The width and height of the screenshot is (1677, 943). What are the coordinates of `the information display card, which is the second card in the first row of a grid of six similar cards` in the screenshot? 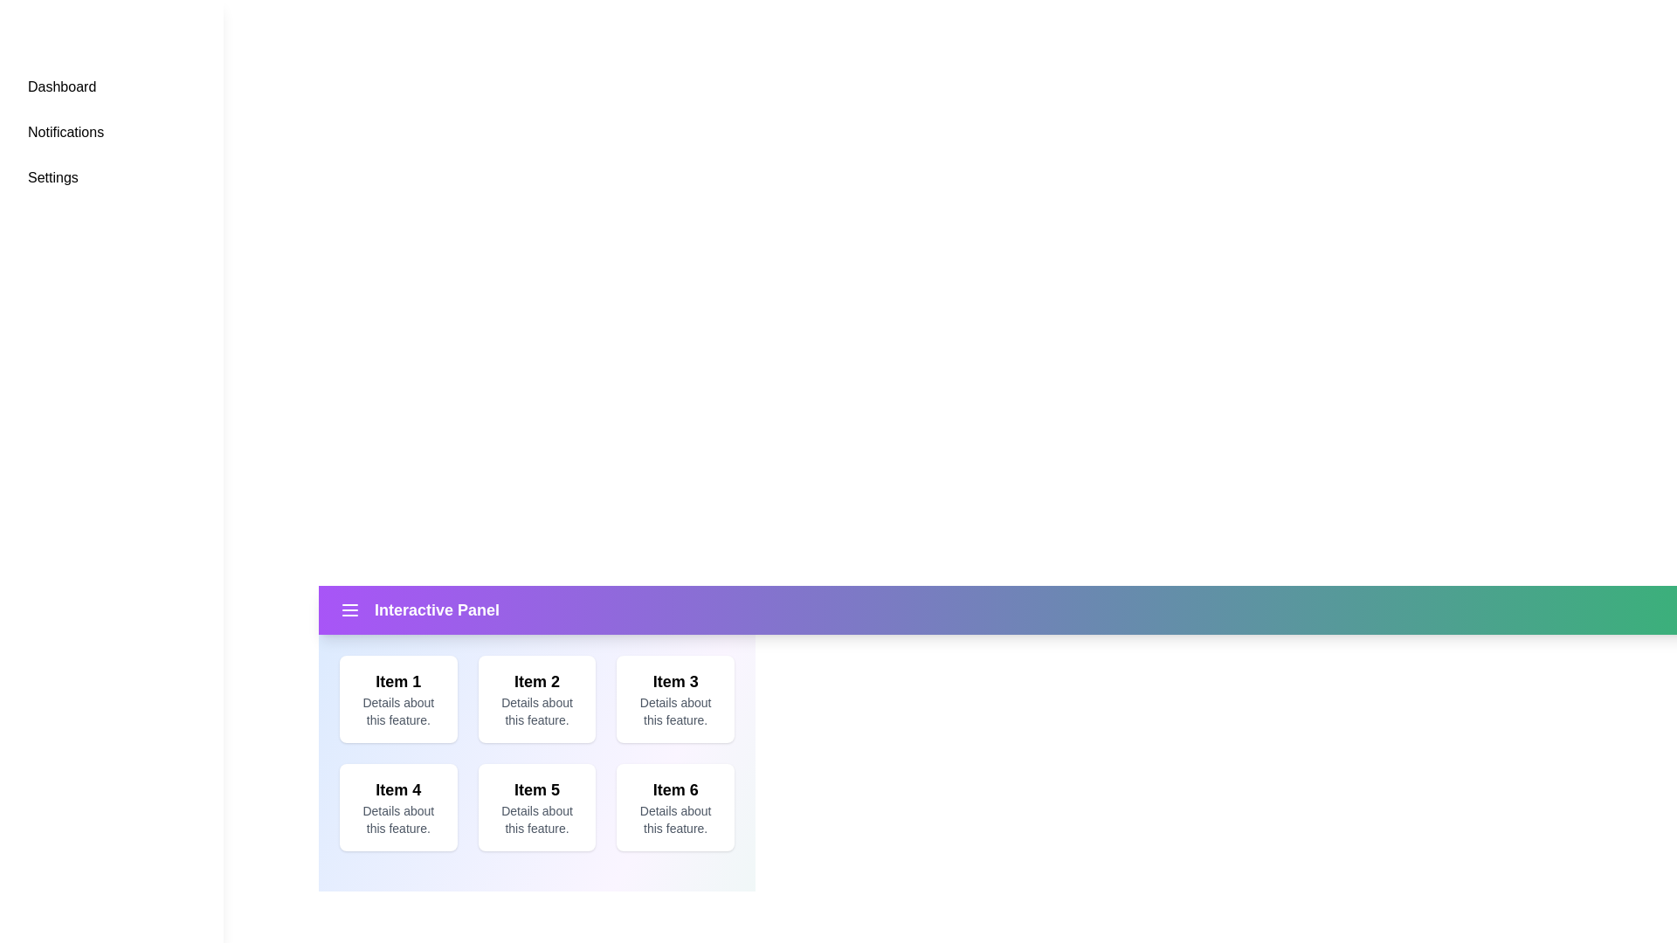 It's located at (535, 699).